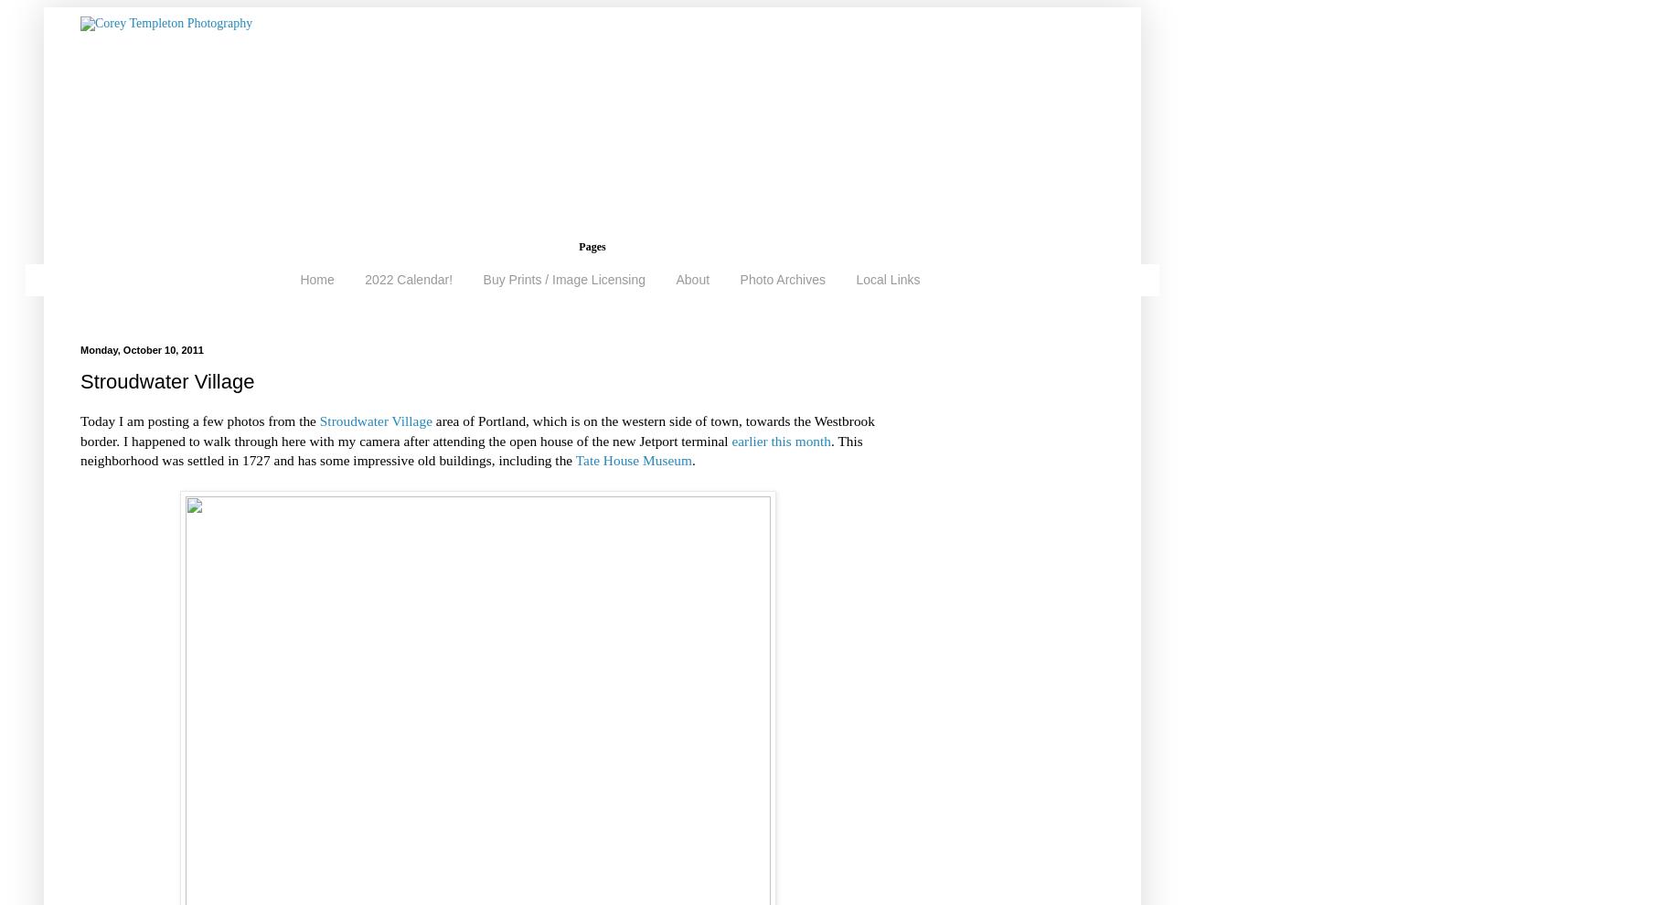  I want to click on 'Monday, October 10, 2011', so click(142, 349).